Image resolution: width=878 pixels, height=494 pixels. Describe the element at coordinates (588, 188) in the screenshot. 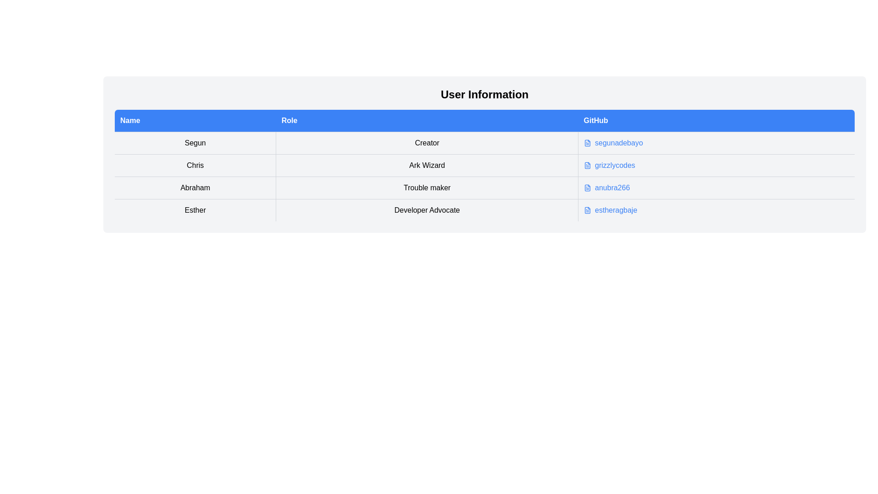

I see `the document icon with a folded corner located under the 'GitHub' header for the row of 'Abraham'` at that location.